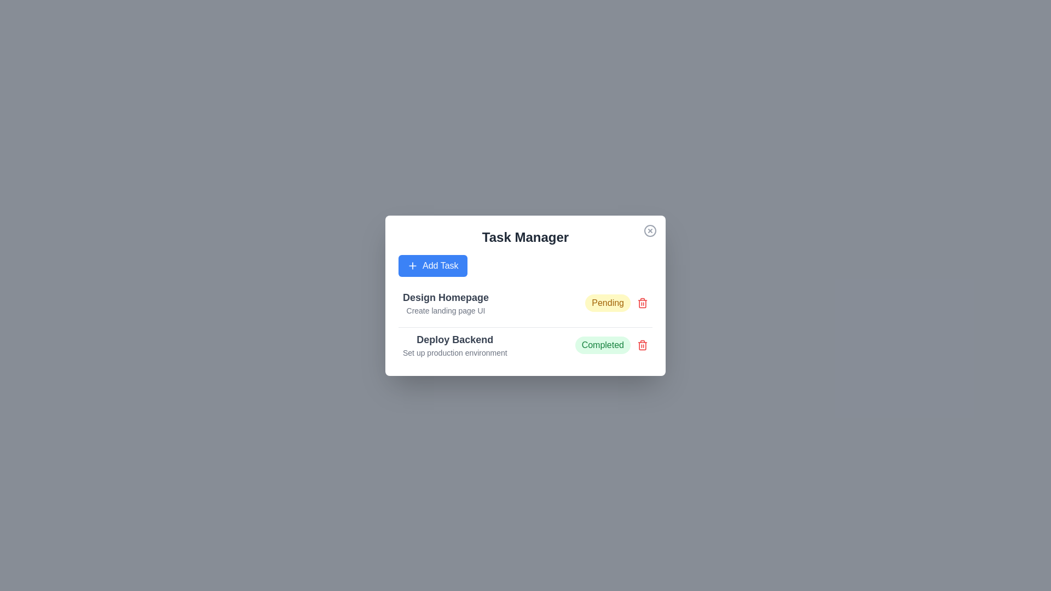  I want to click on the details of the task represented by the text block located in the second row of the task manager under the header 'Task Manager', following the task 'Design Homepage', so click(455, 345).